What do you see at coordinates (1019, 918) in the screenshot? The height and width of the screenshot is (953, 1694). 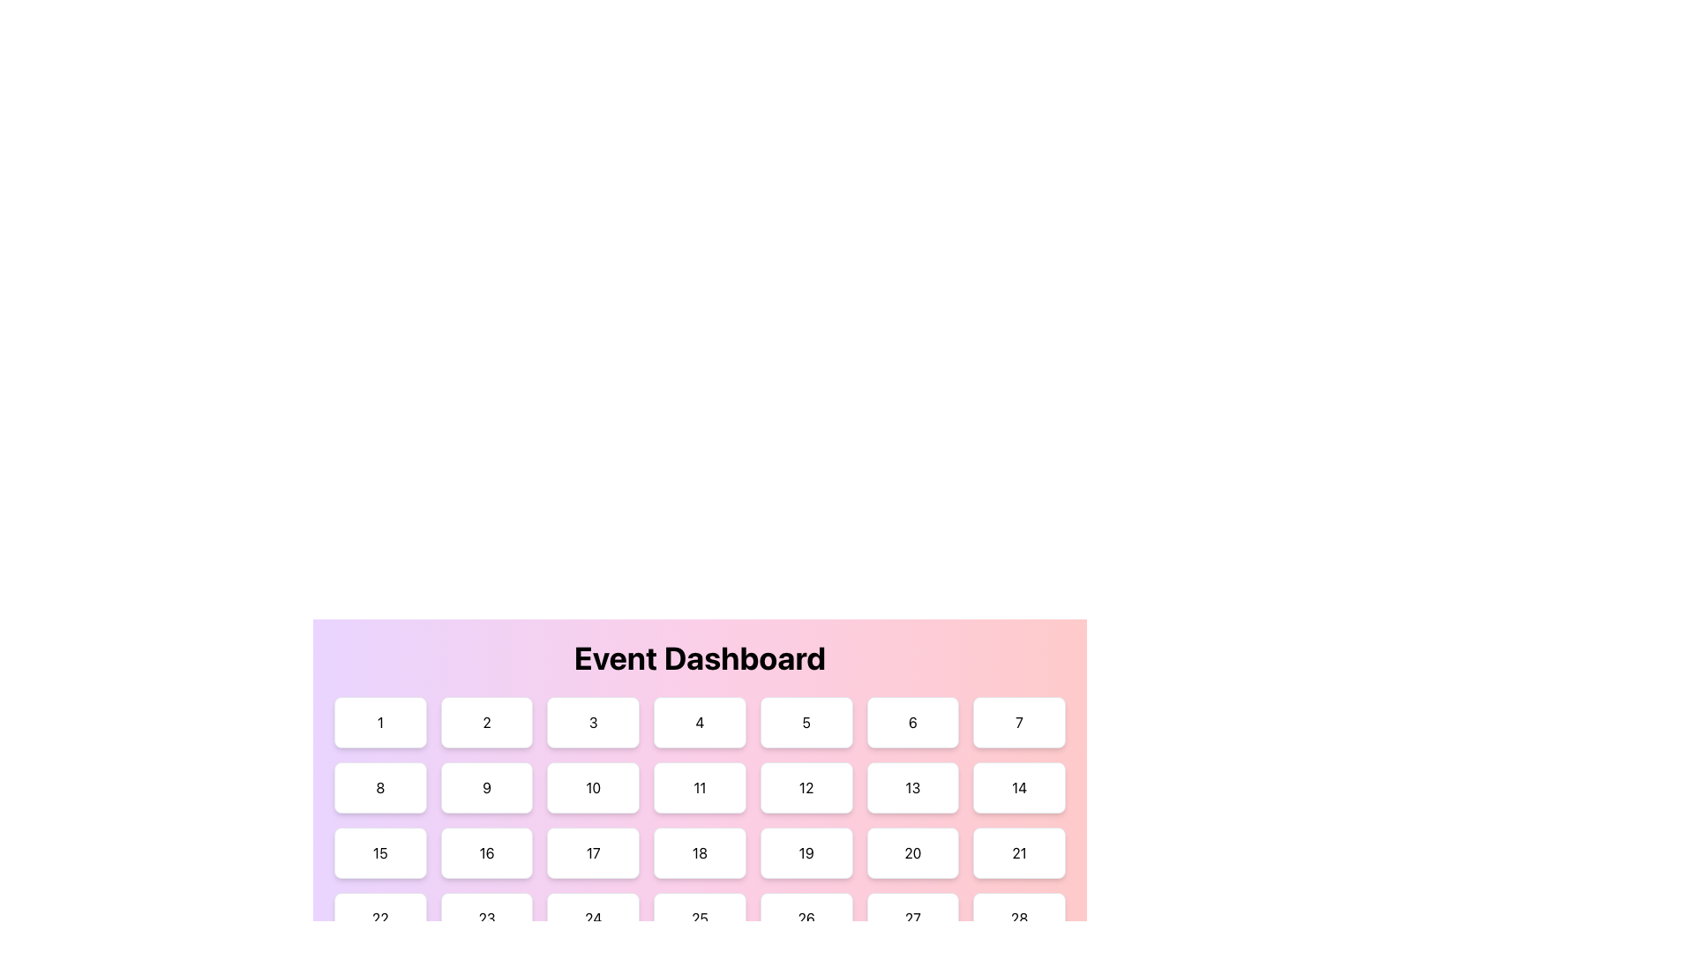 I see `the button that allows the user` at bounding box center [1019, 918].